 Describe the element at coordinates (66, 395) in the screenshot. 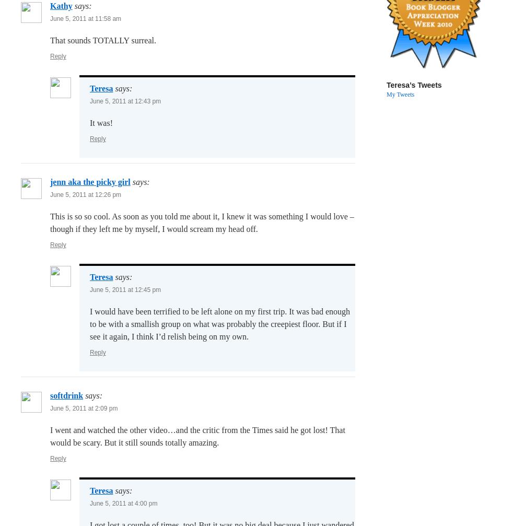

I see `'softdrink'` at that location.